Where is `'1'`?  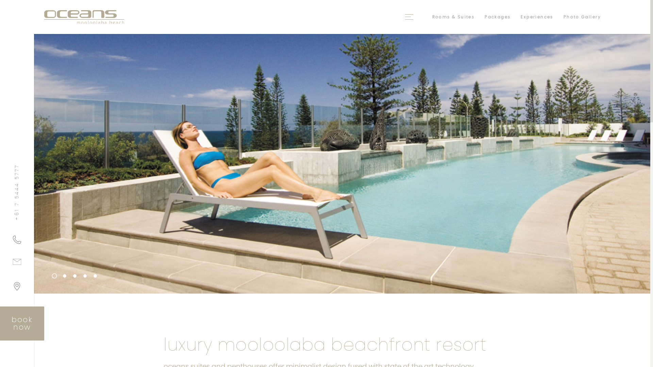 '1' is located at coordinates (51, 275).